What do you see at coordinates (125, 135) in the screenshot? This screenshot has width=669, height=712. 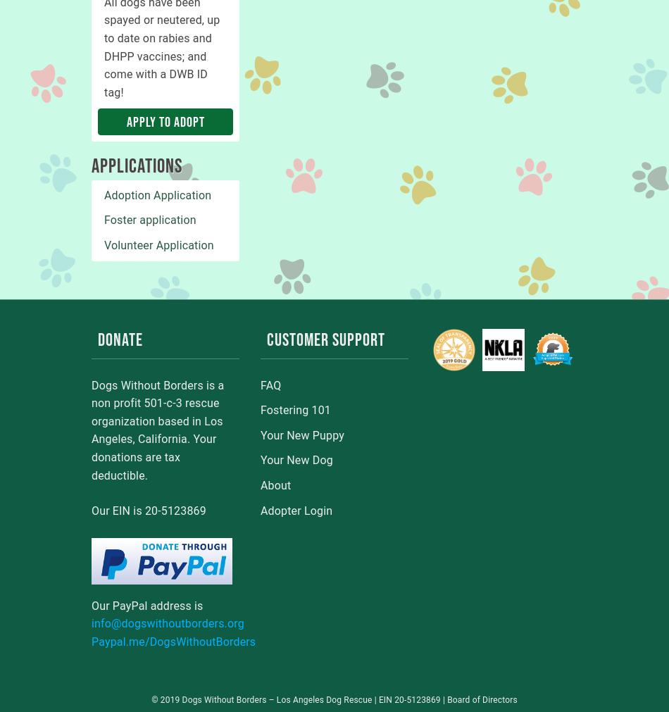 I see `'Apply to Adopt Gittl'` at bounding box center [125, 135].